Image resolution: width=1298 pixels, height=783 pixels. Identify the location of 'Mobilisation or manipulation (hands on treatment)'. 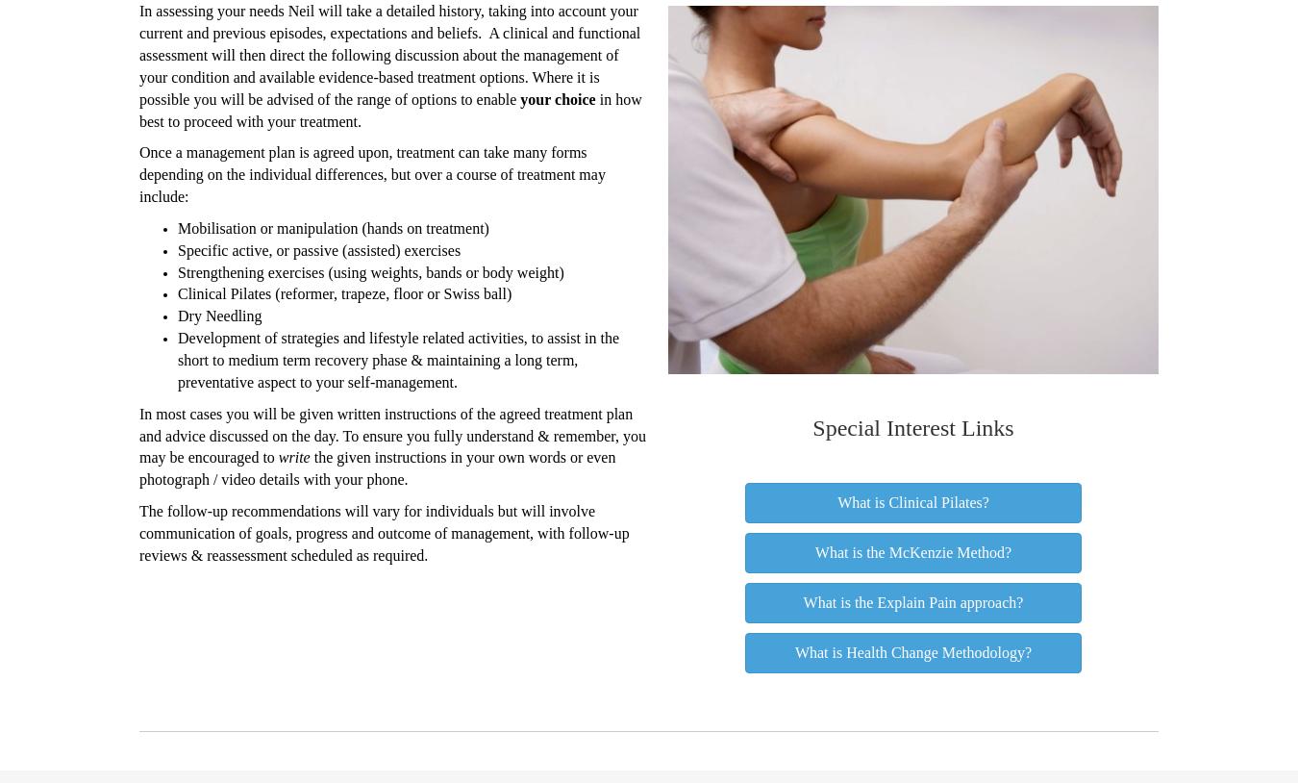
(333, 227).